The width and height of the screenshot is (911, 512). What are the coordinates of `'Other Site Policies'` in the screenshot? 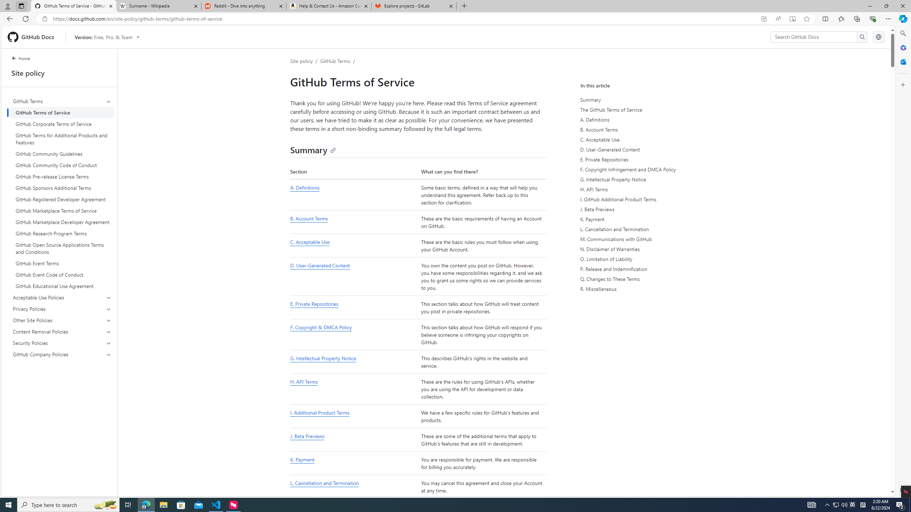 It's located at (62, 320).